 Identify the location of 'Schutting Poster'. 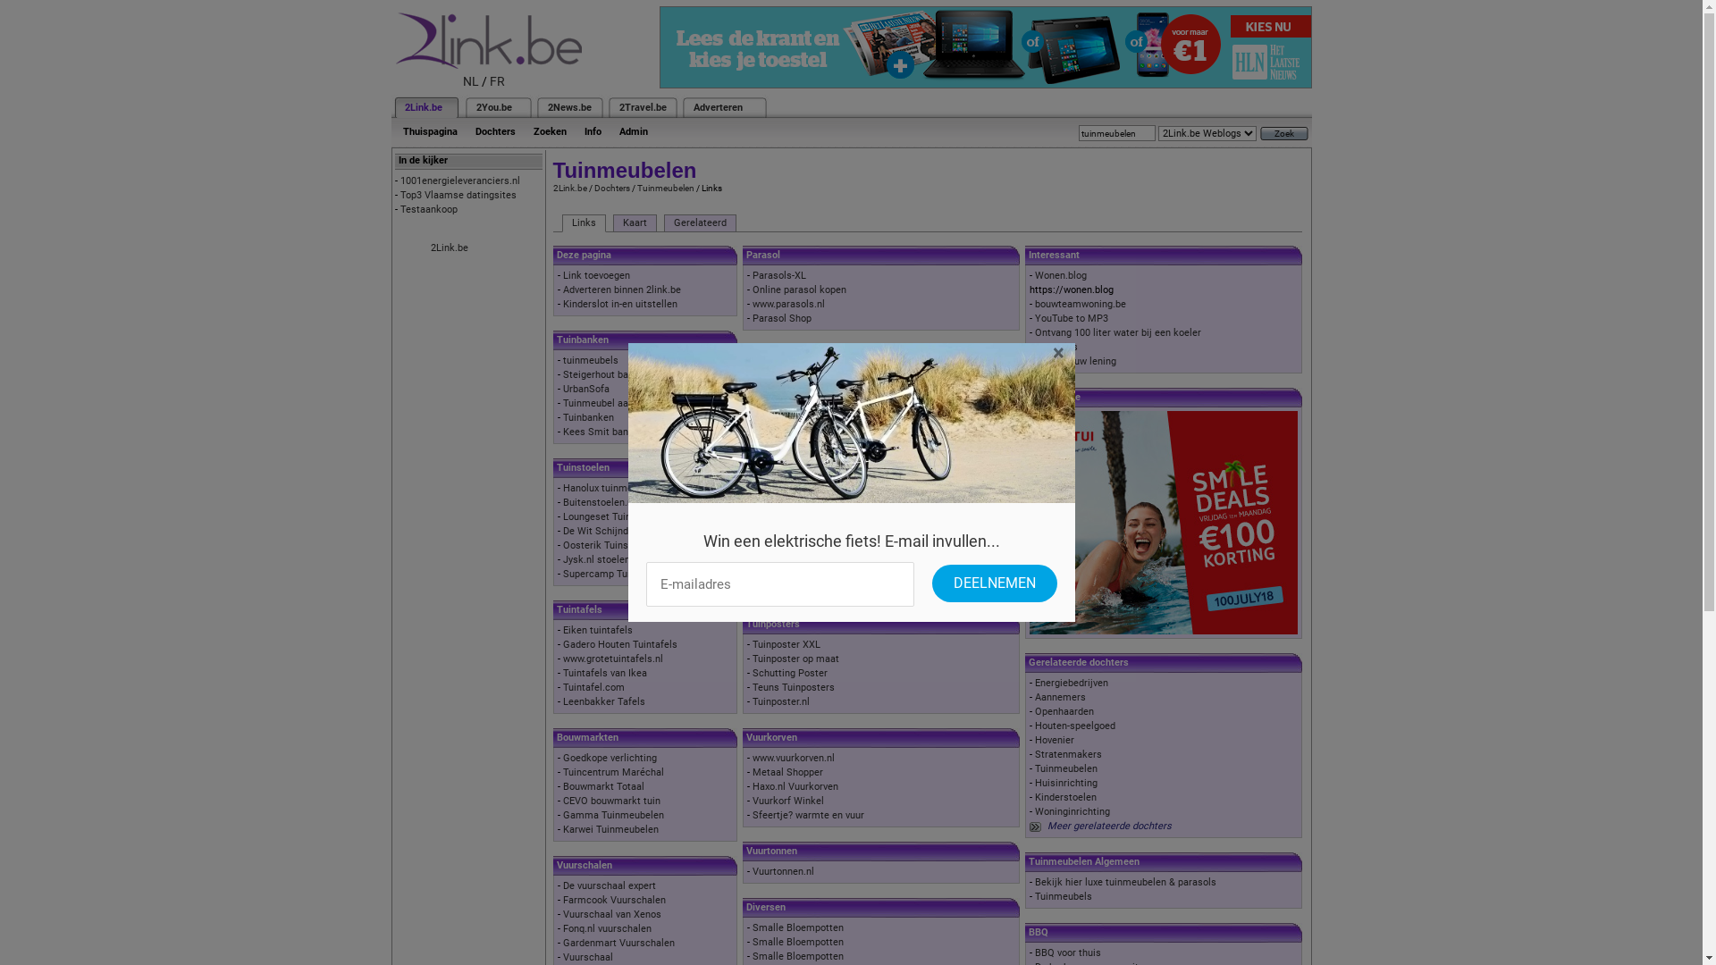
(788, 673).